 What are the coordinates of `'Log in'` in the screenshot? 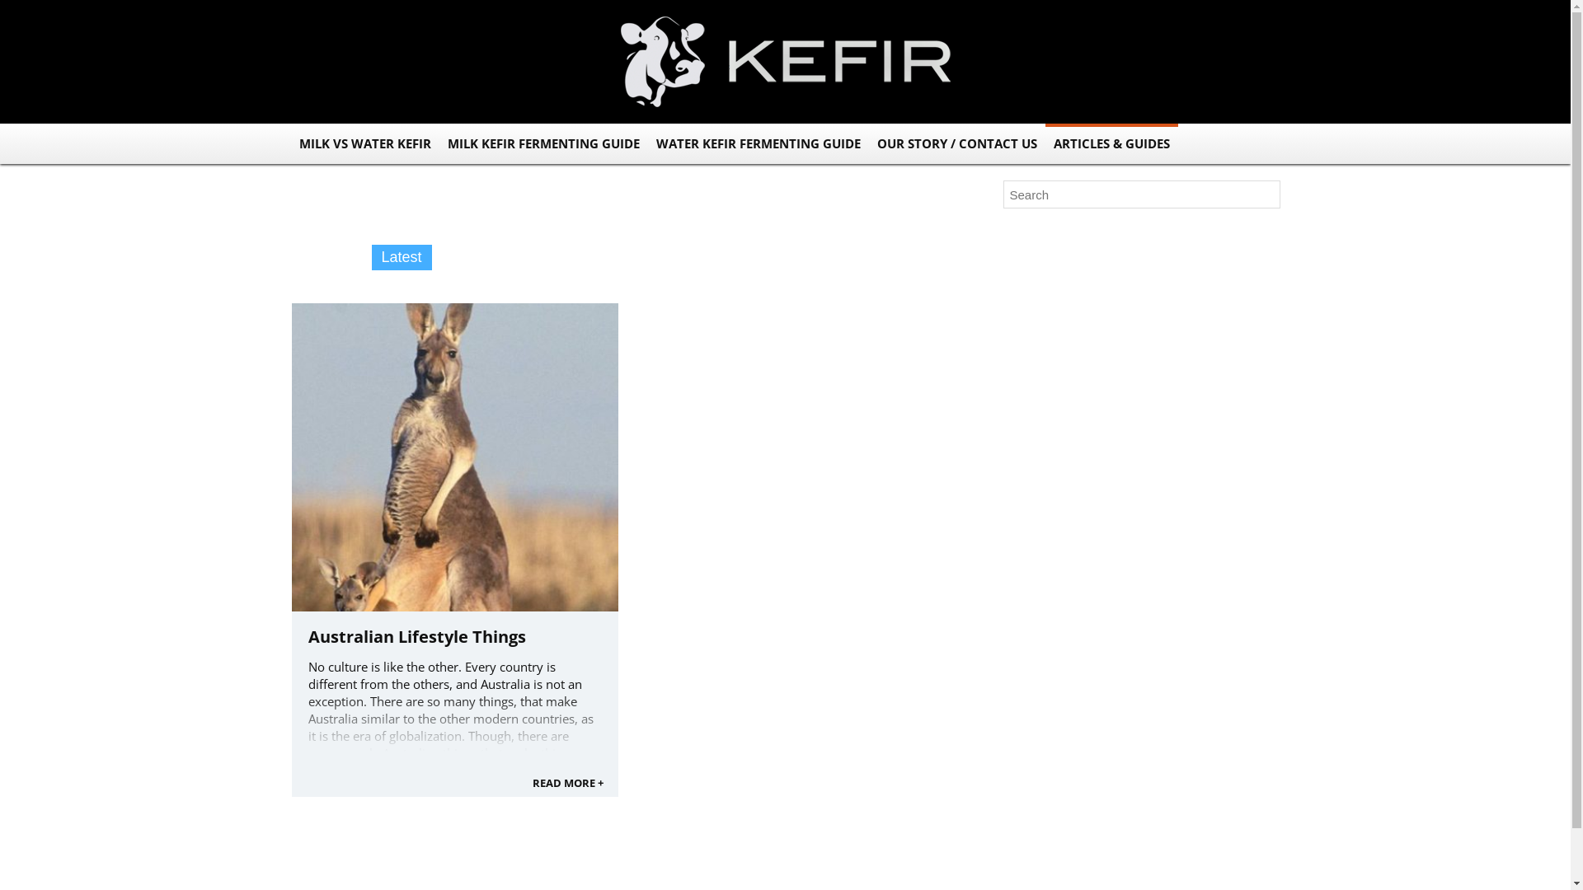 It's located at (1001, 563).